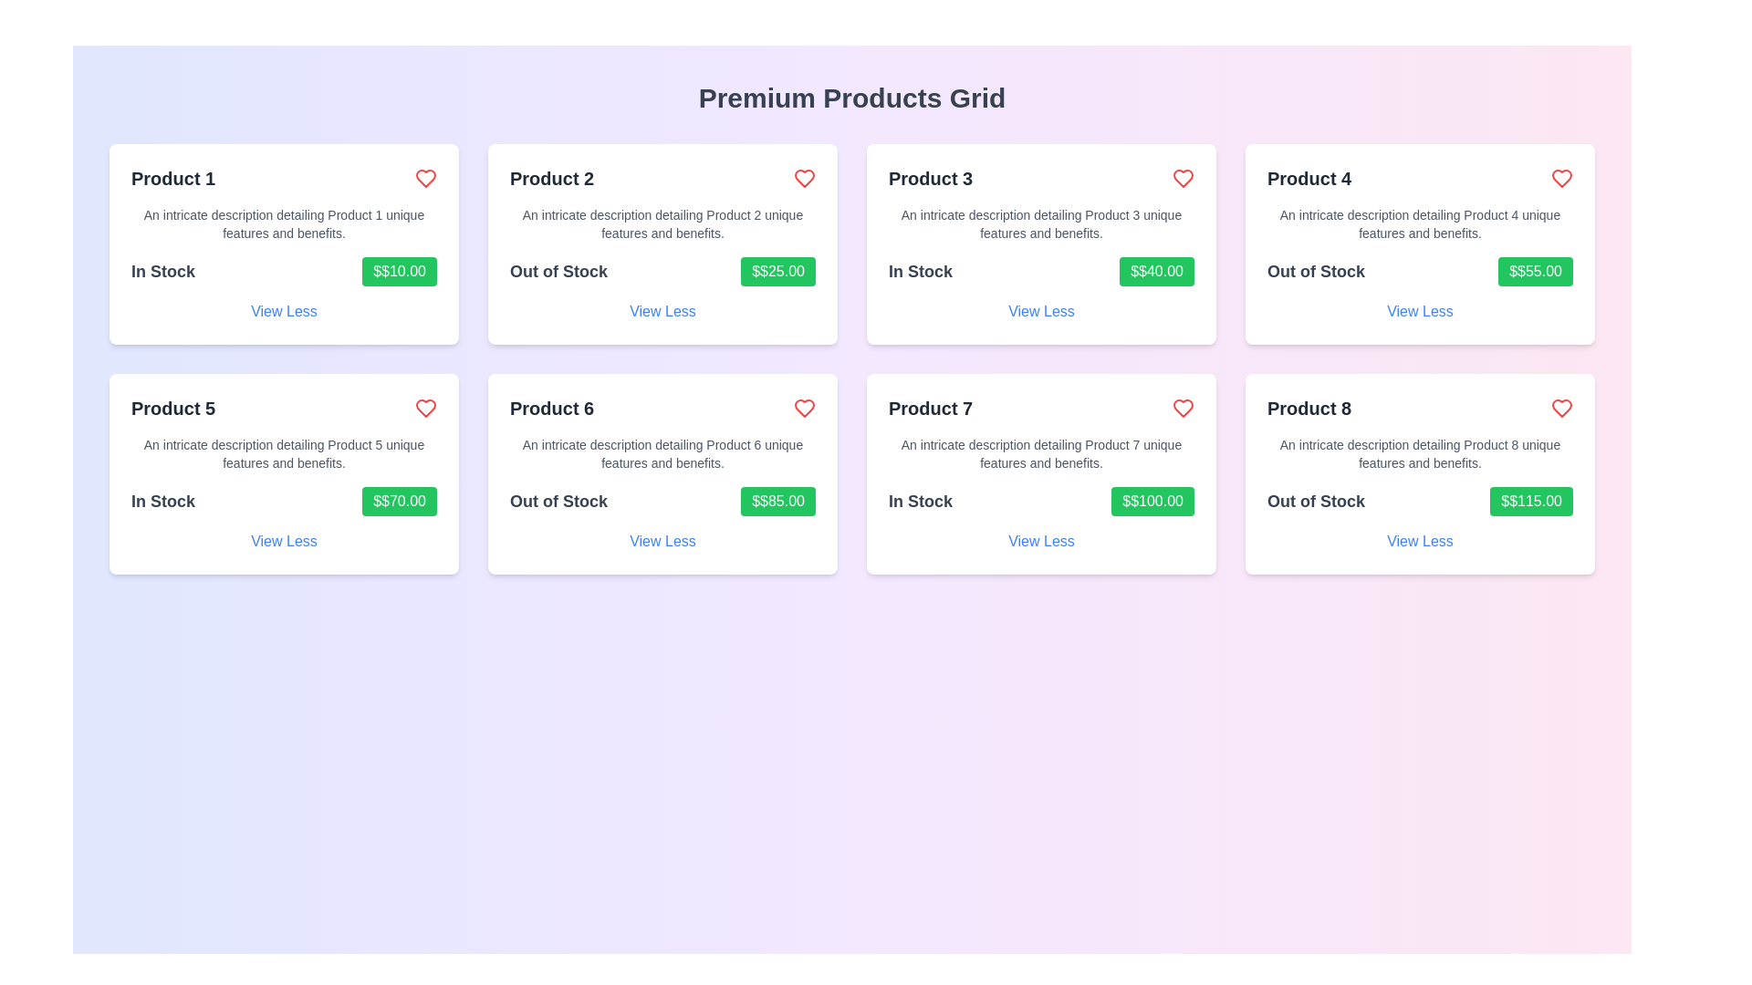  What do you see at coordinates (931, 179) in the screenshot?
I see `the Text Element displaying the title 'Product 3'` at bounding box center [931, 179].